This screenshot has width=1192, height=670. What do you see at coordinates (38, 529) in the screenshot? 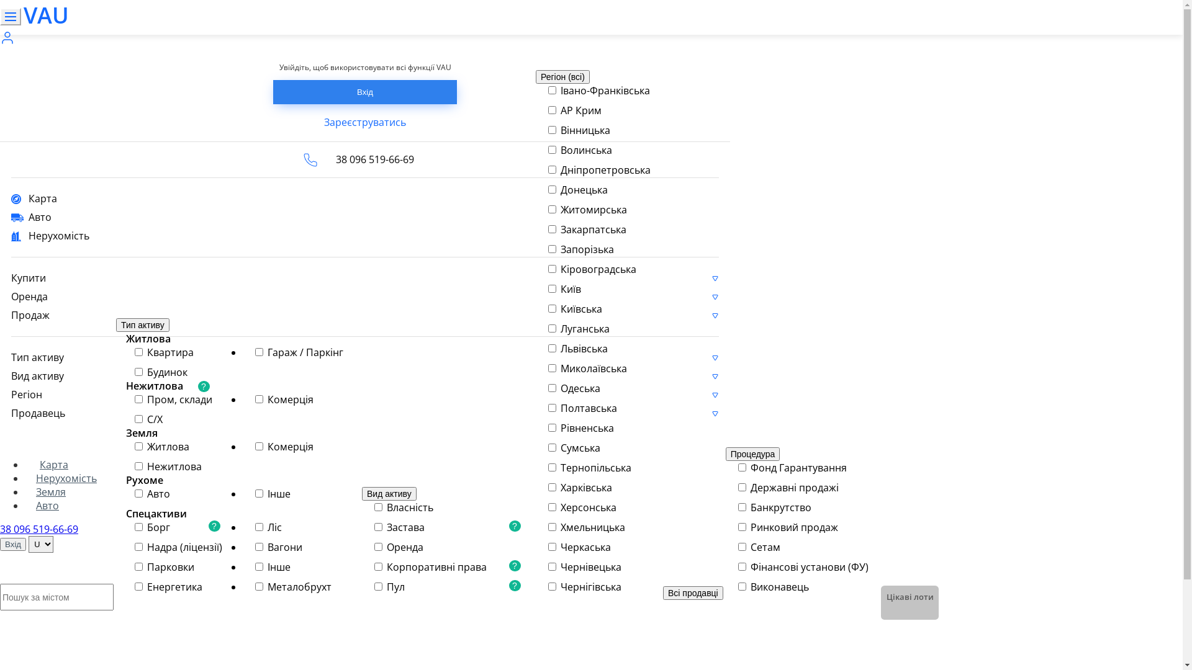
I see `'38 096 519-66-69'` at bounding box center [38, 529].